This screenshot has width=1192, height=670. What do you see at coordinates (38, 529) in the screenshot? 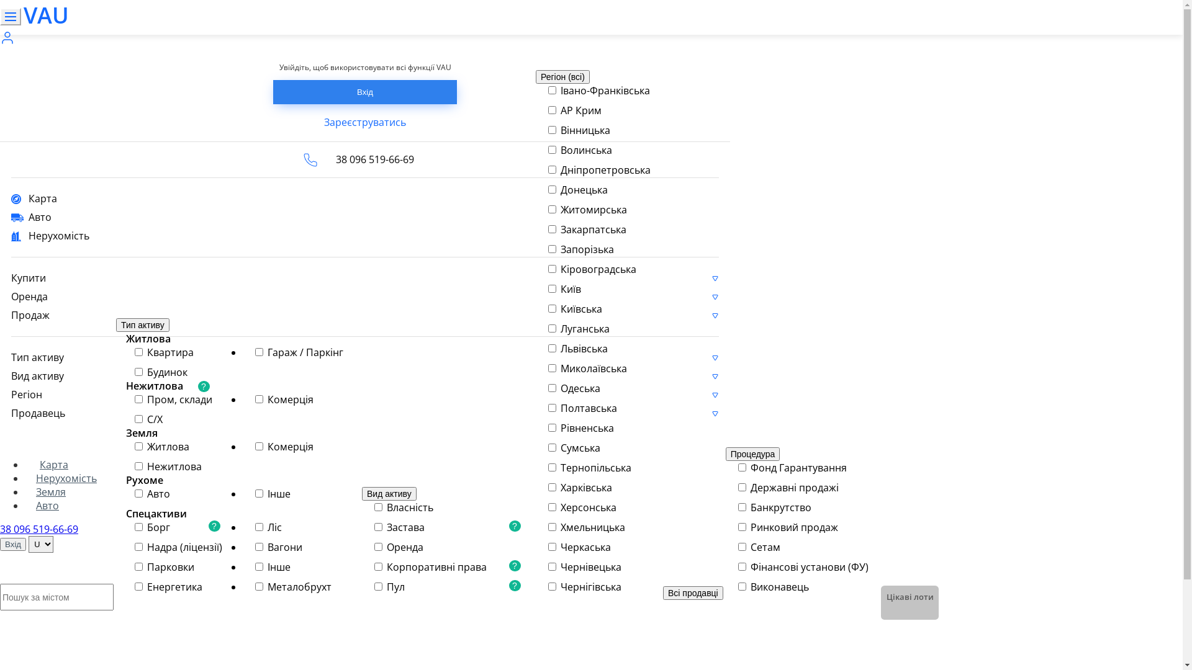
I see `'38 096 519-66-69'` at bounding box center [38, 529].